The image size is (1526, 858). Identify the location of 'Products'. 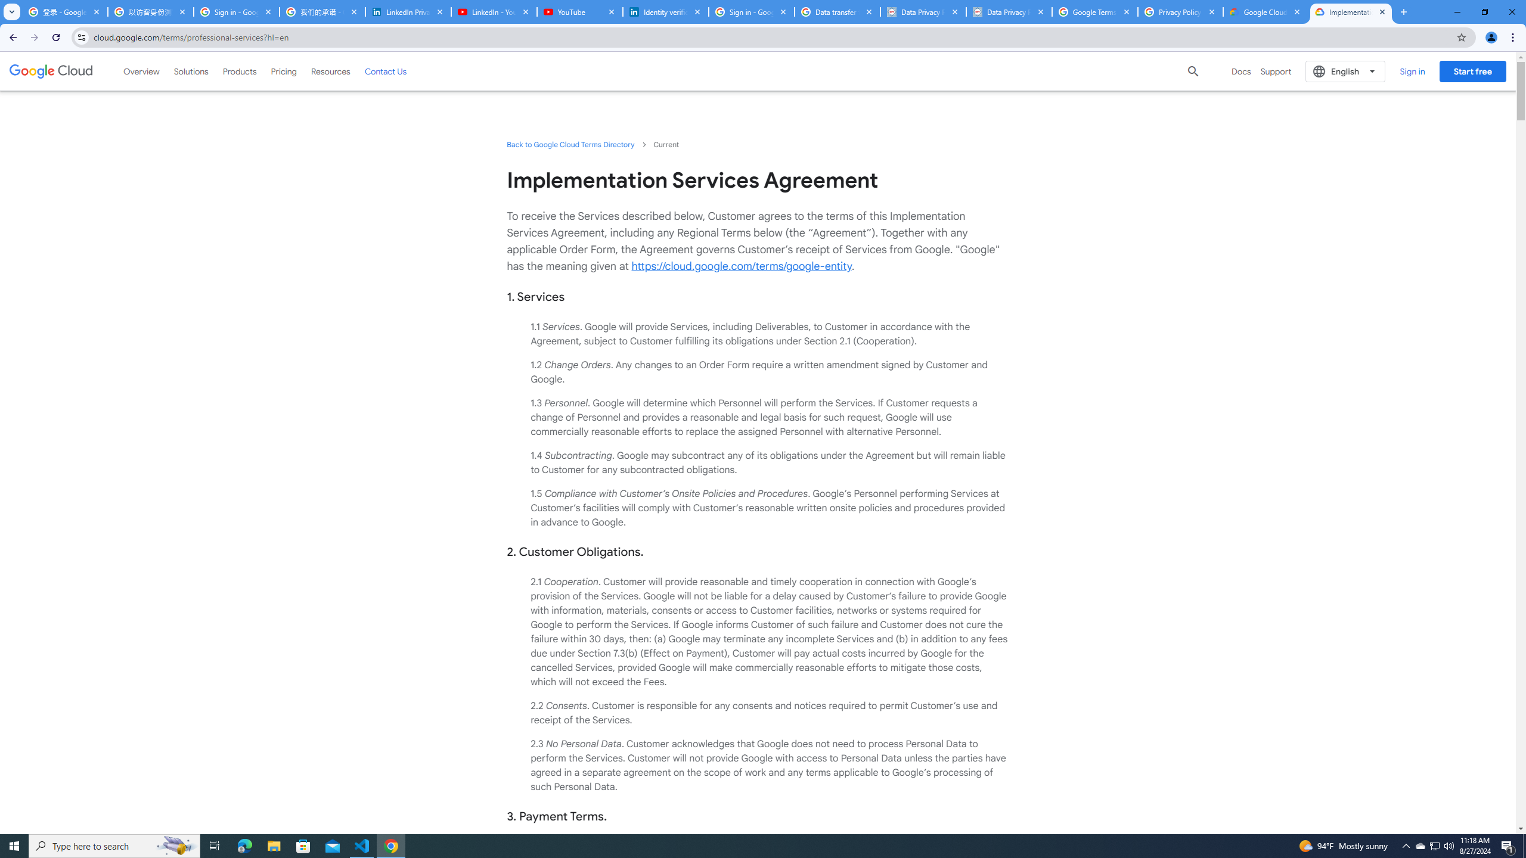
(238, 70).